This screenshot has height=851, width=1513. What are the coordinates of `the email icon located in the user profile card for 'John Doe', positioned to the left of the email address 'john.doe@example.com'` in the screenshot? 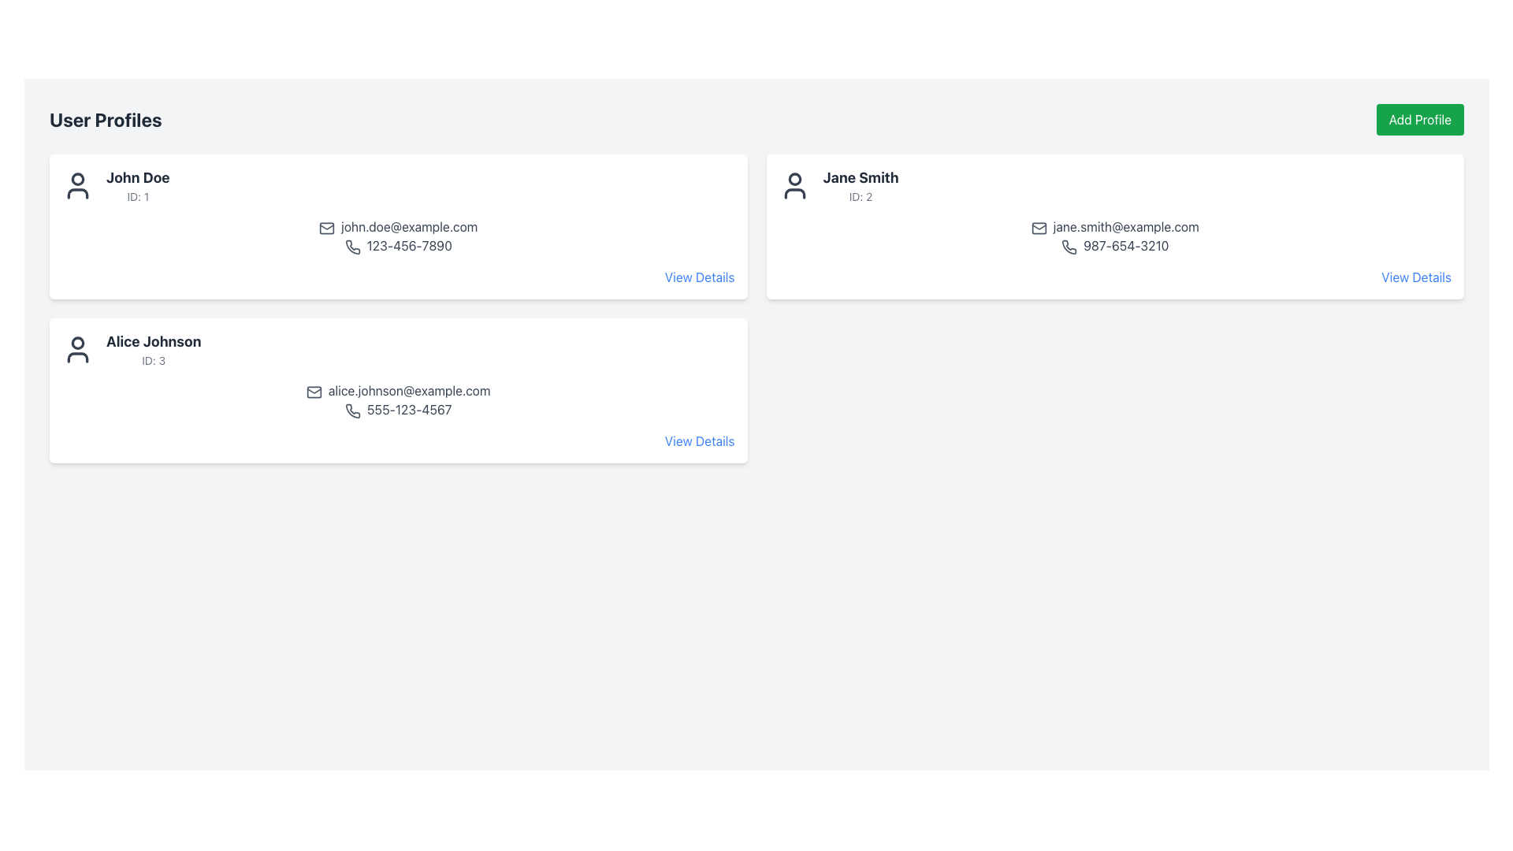 It's located at (326, 228).